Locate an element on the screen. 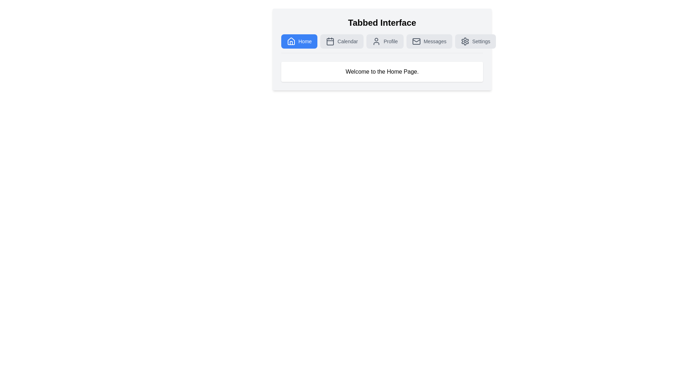  the user icon located within the 'Profile' button, which features a circle above a semi-circular base styled with a gray line drawing. This icon is centrally positioned to the left of the 'Profile' text label in the horizontal navigation bar is located at coordinates (376, 41).